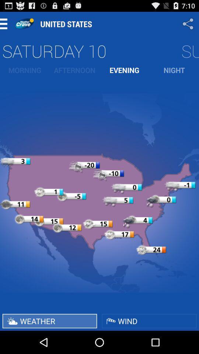  I want to click on the item next to the weather button, so click(149, 320).